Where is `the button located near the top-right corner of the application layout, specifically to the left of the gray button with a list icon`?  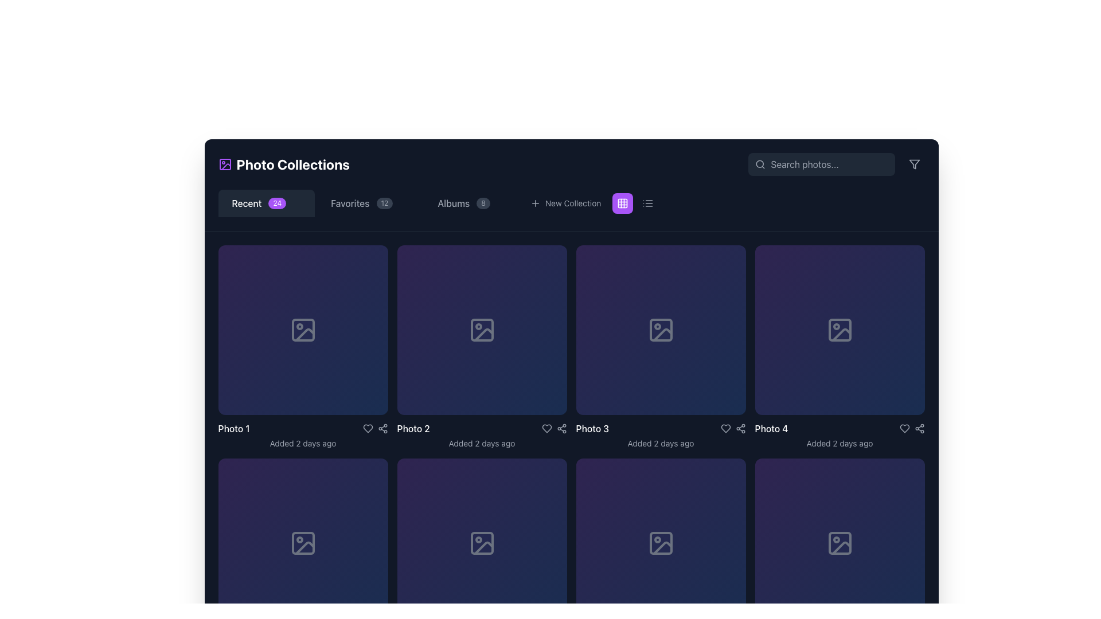 the button located near the top-right corner of the application layout, specifically to the left of the gray button with a list icon is located at coordinates (622, 202).